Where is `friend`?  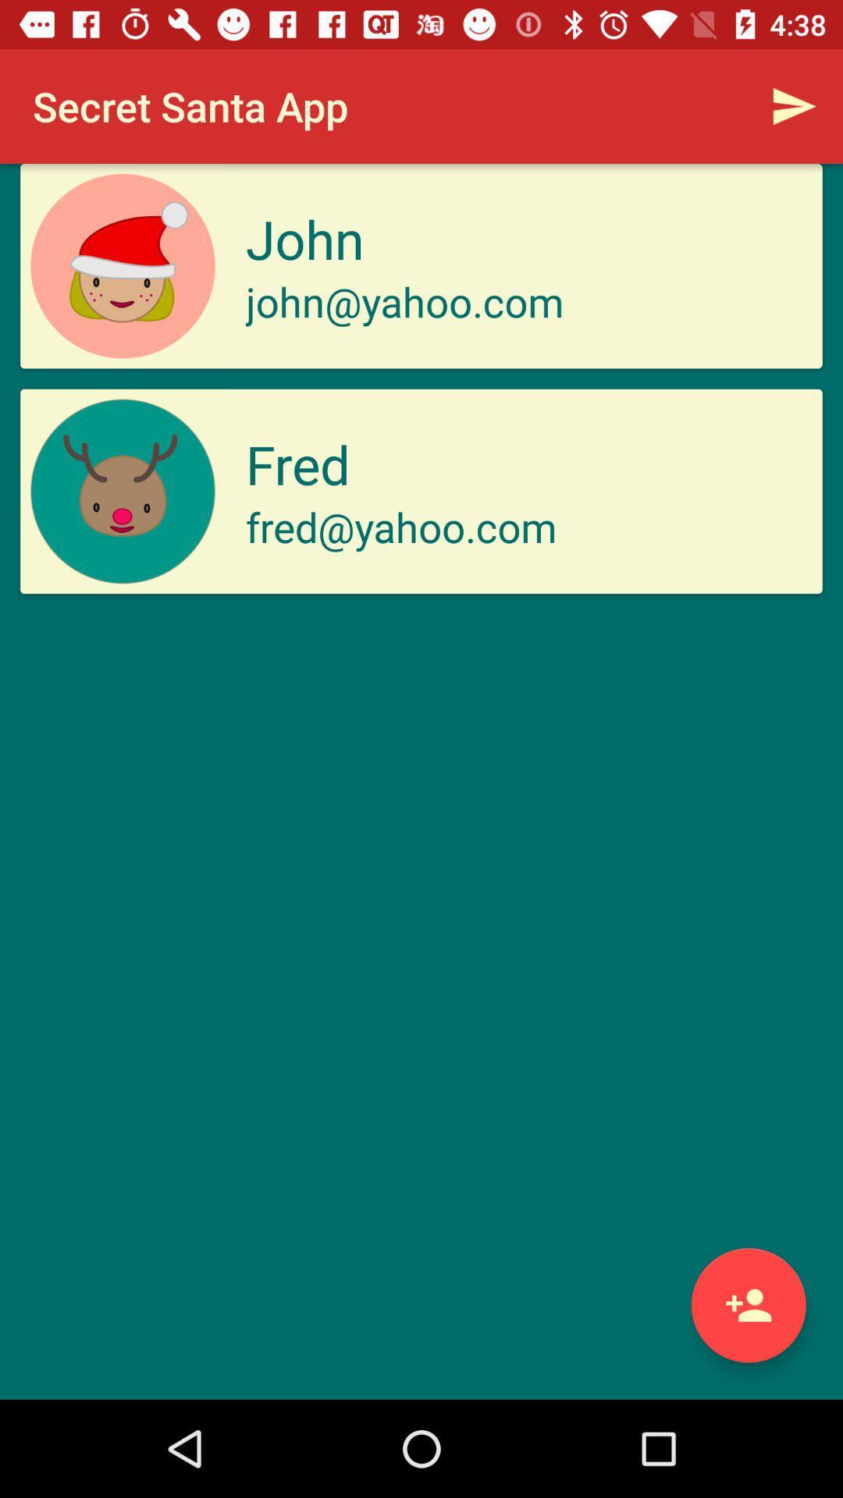
friend is located at coordinates (748, 1305).